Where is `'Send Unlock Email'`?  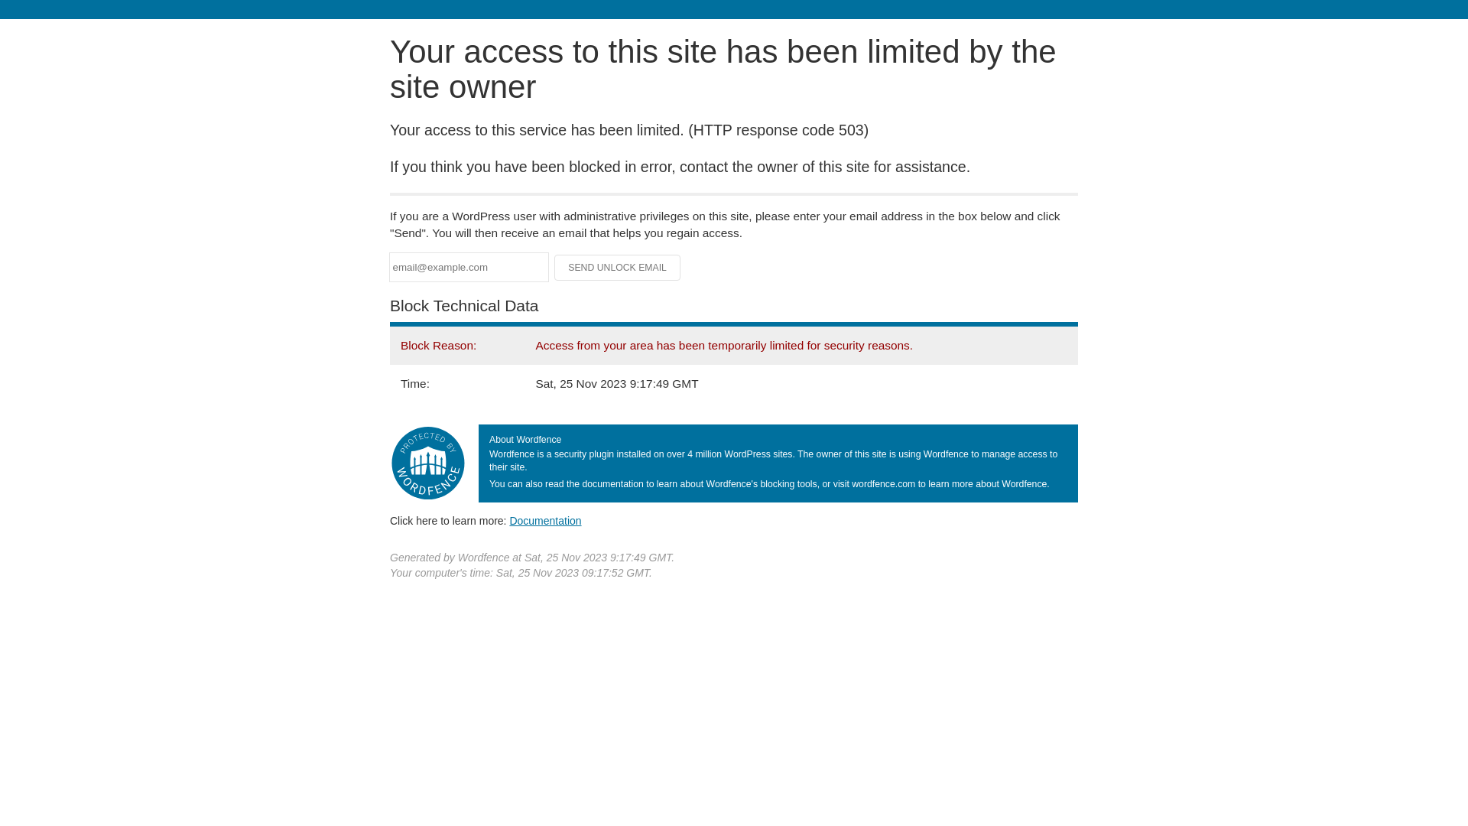
'Send Unlock Email' is located at coordinates (617, 267).